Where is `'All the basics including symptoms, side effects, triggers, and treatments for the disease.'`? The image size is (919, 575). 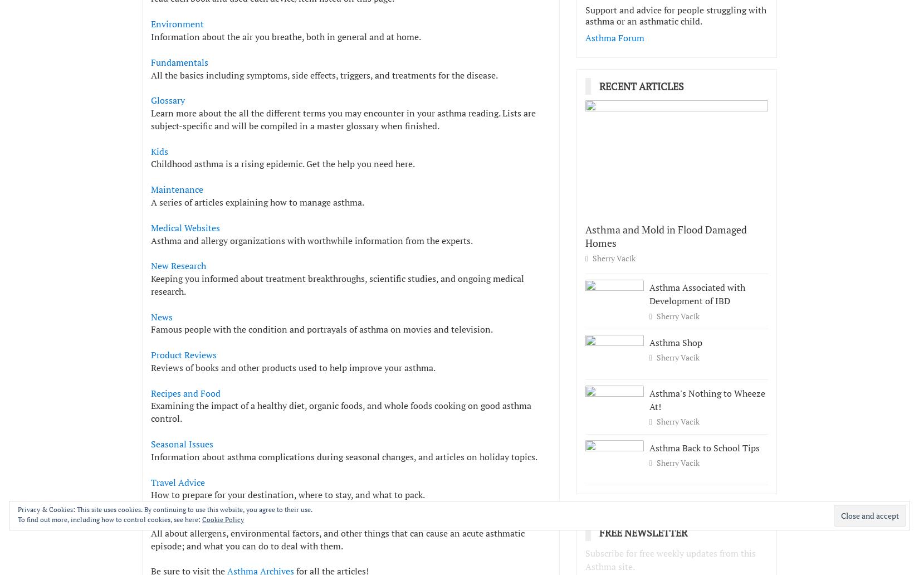
'All the basics including symptoms, side effects, triggers, and treatments for the disease.' is located at coordinates (324, 74).